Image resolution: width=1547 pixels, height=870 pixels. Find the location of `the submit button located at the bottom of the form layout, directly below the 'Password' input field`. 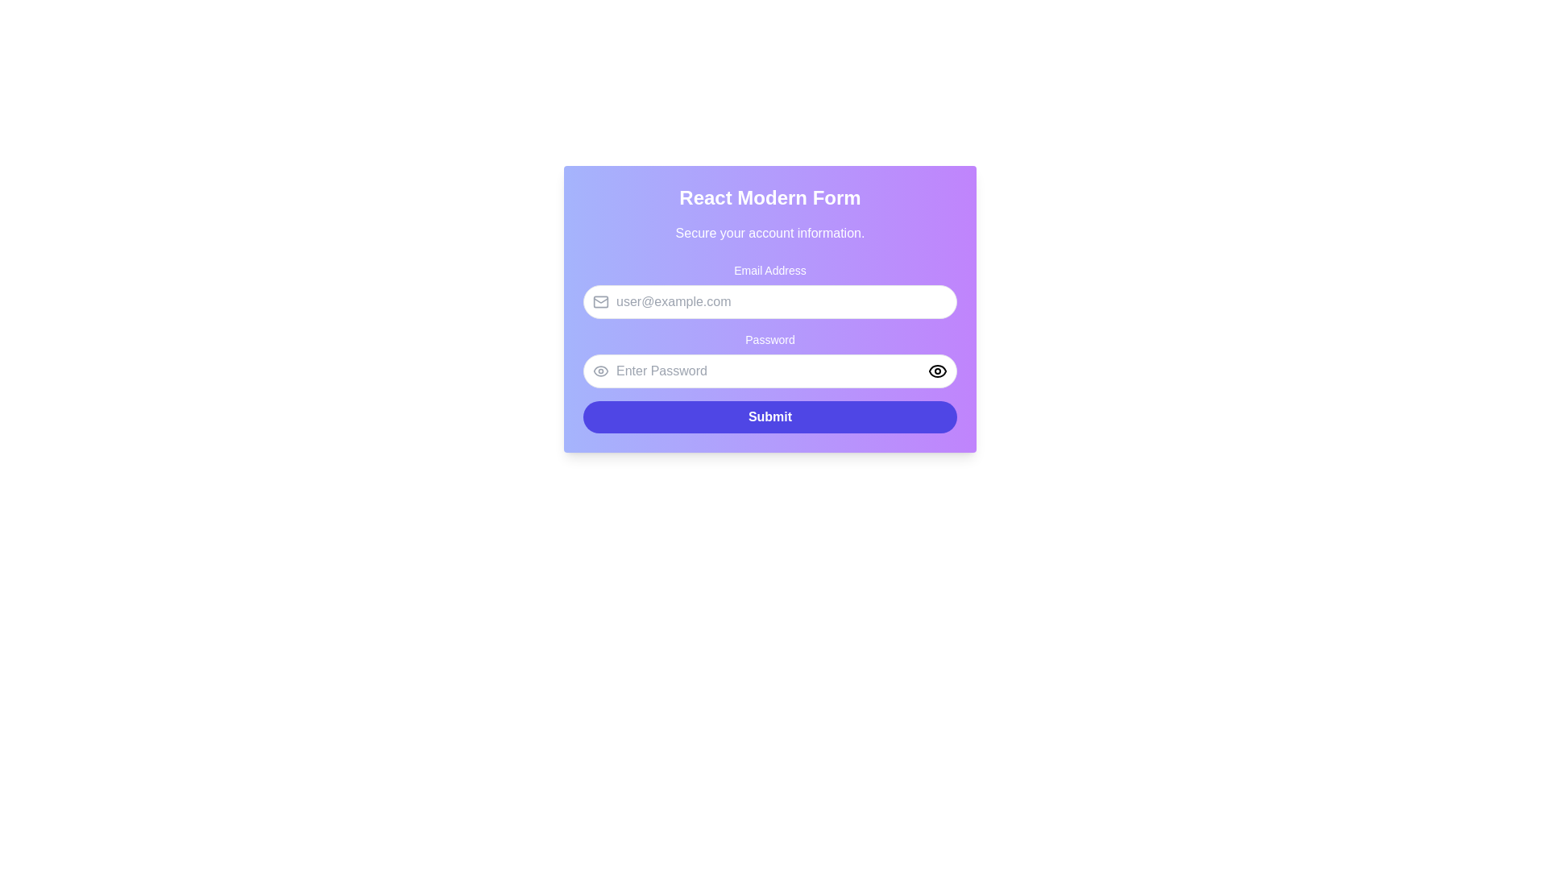

the submit button located at the bottom of the form layout, directly below the 'Password' input field is located at coordinates (769, 416).